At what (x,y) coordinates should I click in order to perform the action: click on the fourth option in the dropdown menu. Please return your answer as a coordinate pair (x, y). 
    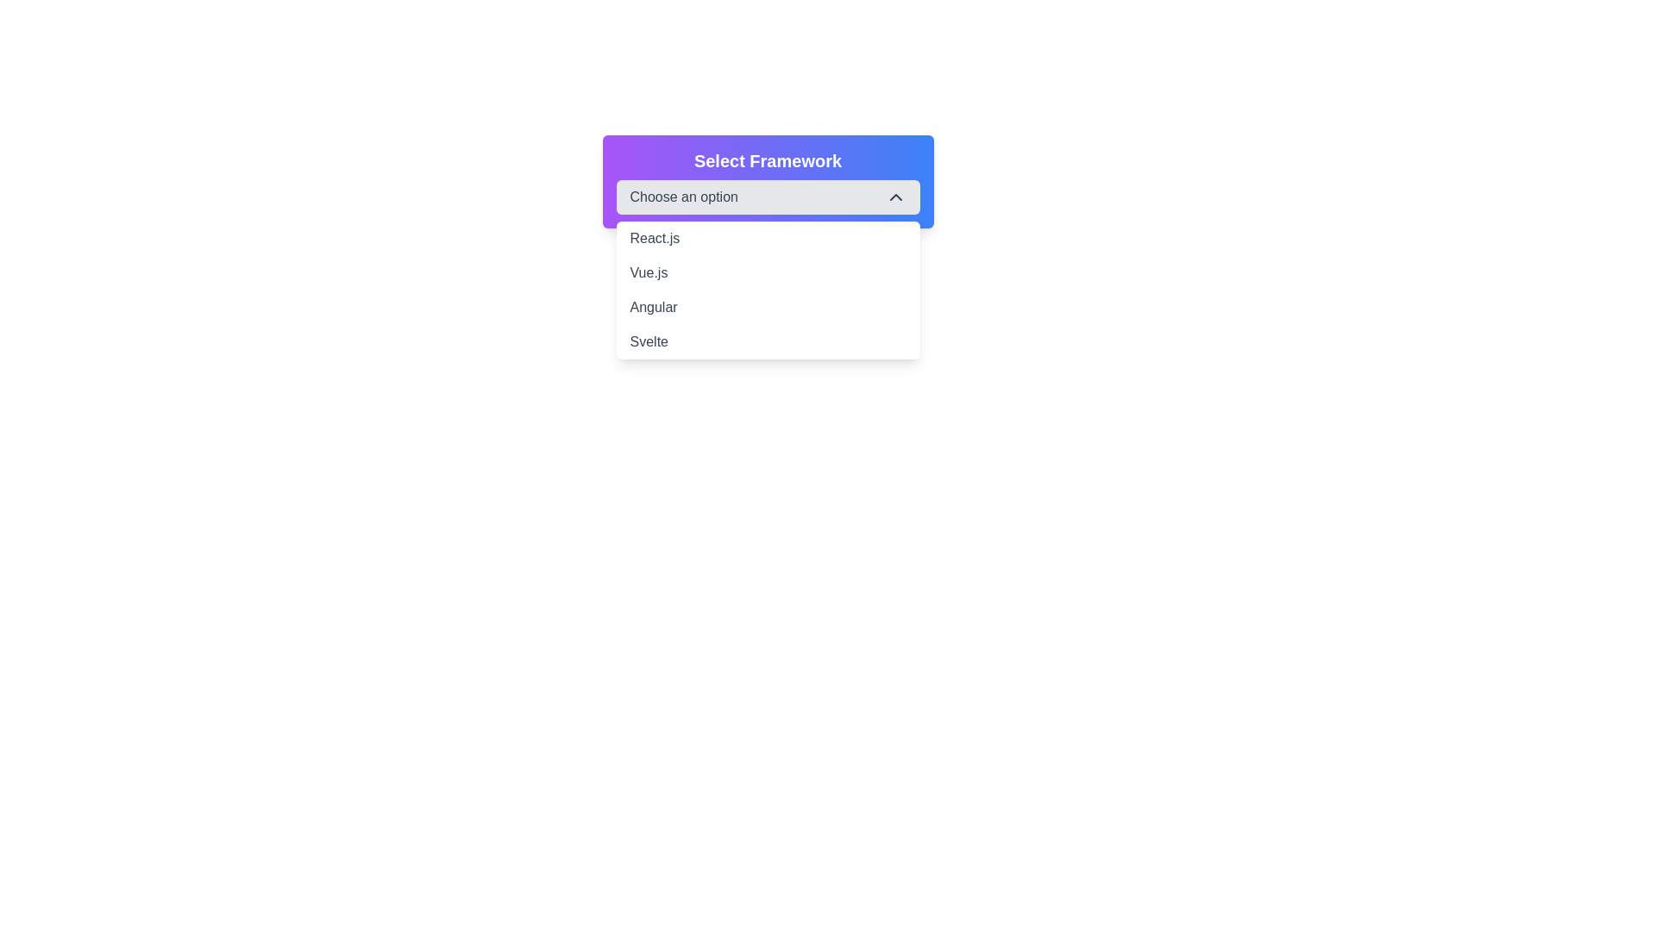
    Looking at the image, I should click on (767, 342).